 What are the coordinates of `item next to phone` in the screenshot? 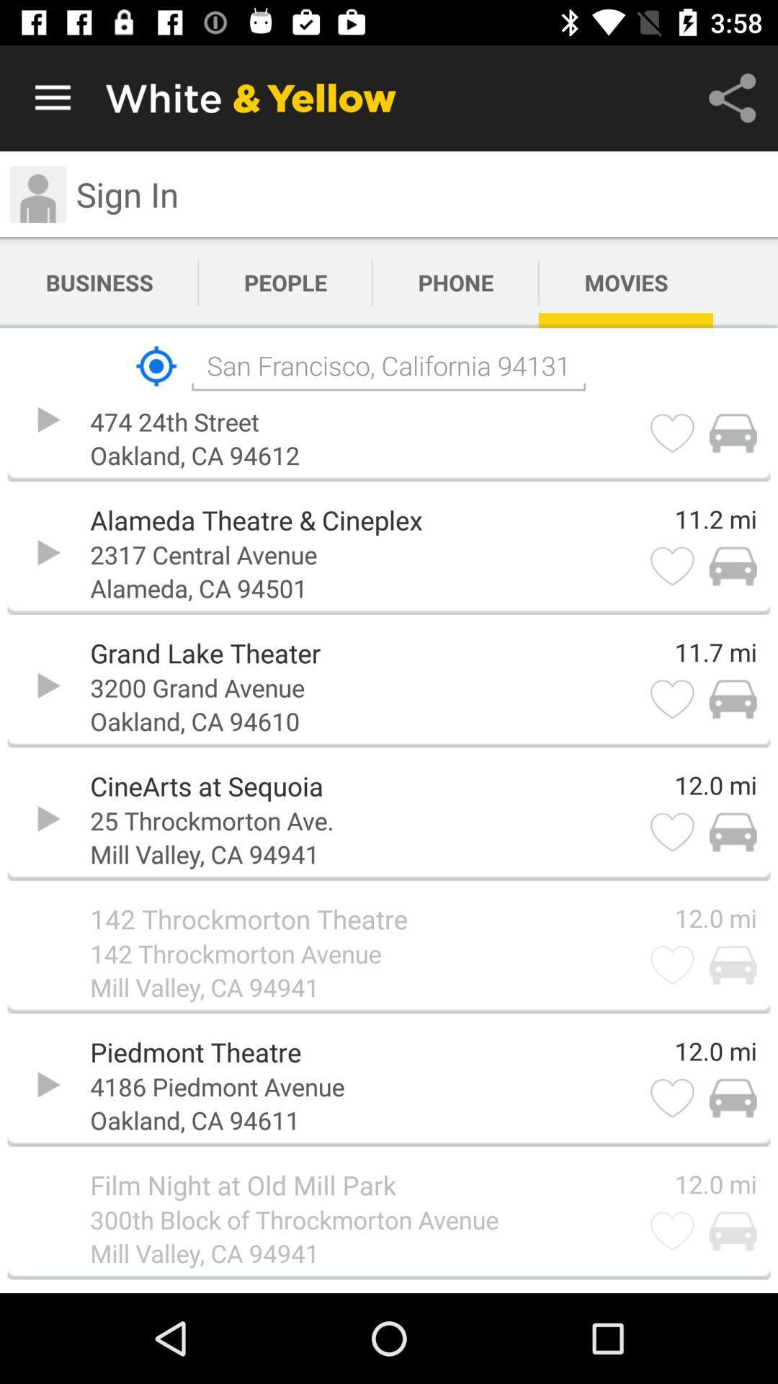 It's located at (285, 283).